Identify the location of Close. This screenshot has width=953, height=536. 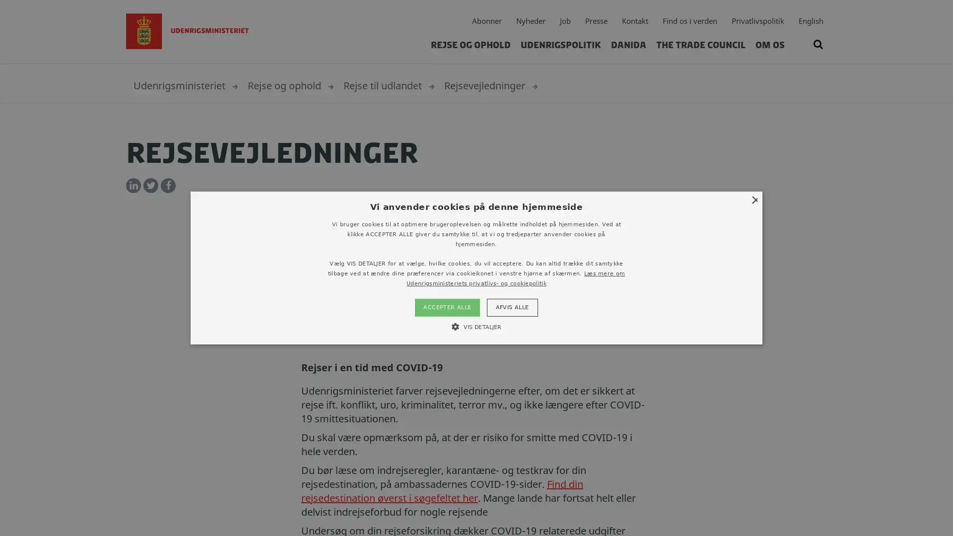
(753, 200).